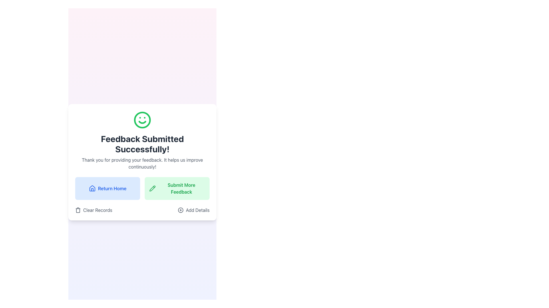 The width and height of the screenshot is (549, 308). What do you see at coordinates (180, 210) in the screenshot?
I see `the outer circular boundary of the 'circle plus' icon located at the bottom right corner of the success message panel, which is associated with the 'Add Details' label` at bounding box center [180, 210].